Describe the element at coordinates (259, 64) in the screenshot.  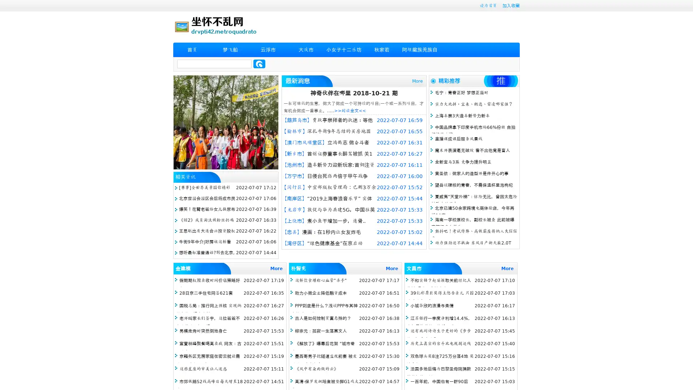
I see `Search` at that location.